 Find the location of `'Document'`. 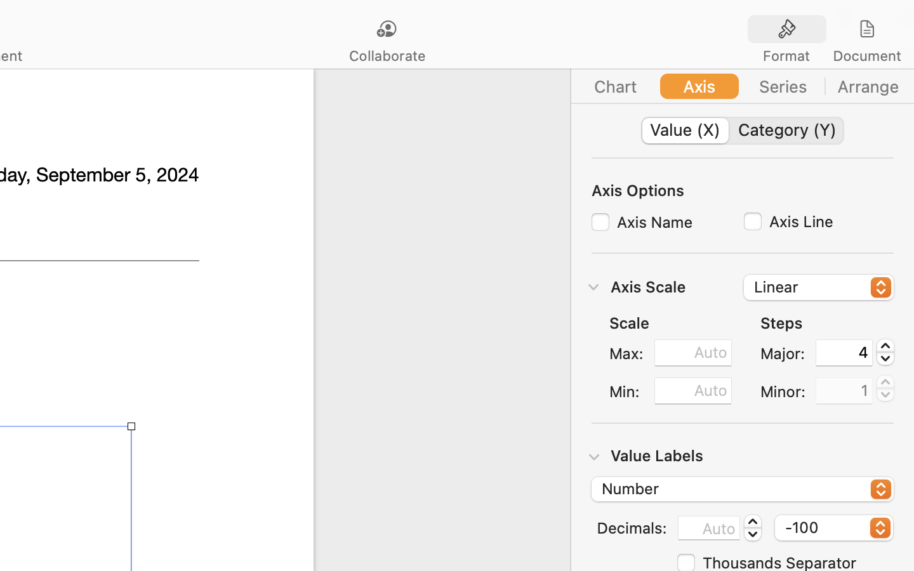

'Document' is located at coordinates (865, 55).